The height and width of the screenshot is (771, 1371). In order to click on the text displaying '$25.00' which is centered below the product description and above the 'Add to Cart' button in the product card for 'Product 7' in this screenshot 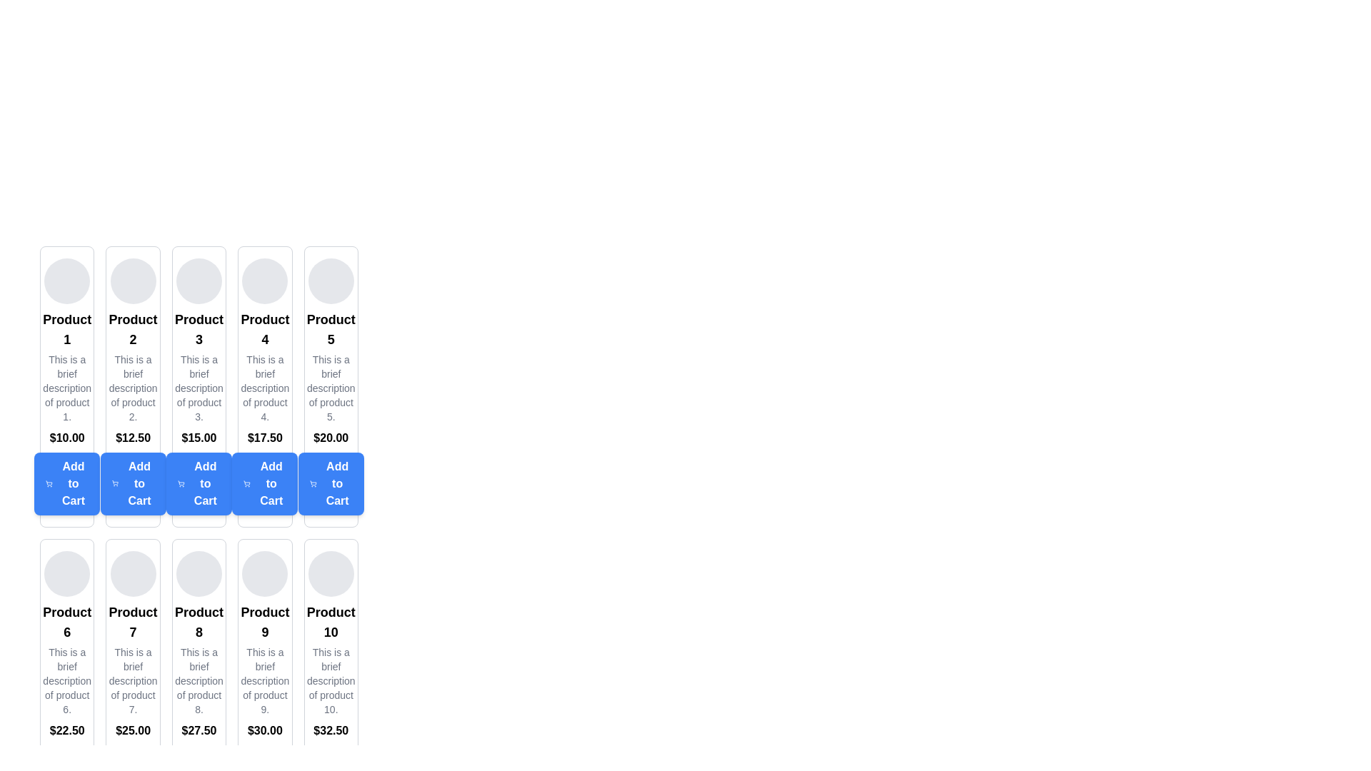, I will do `click(133, 730)`.